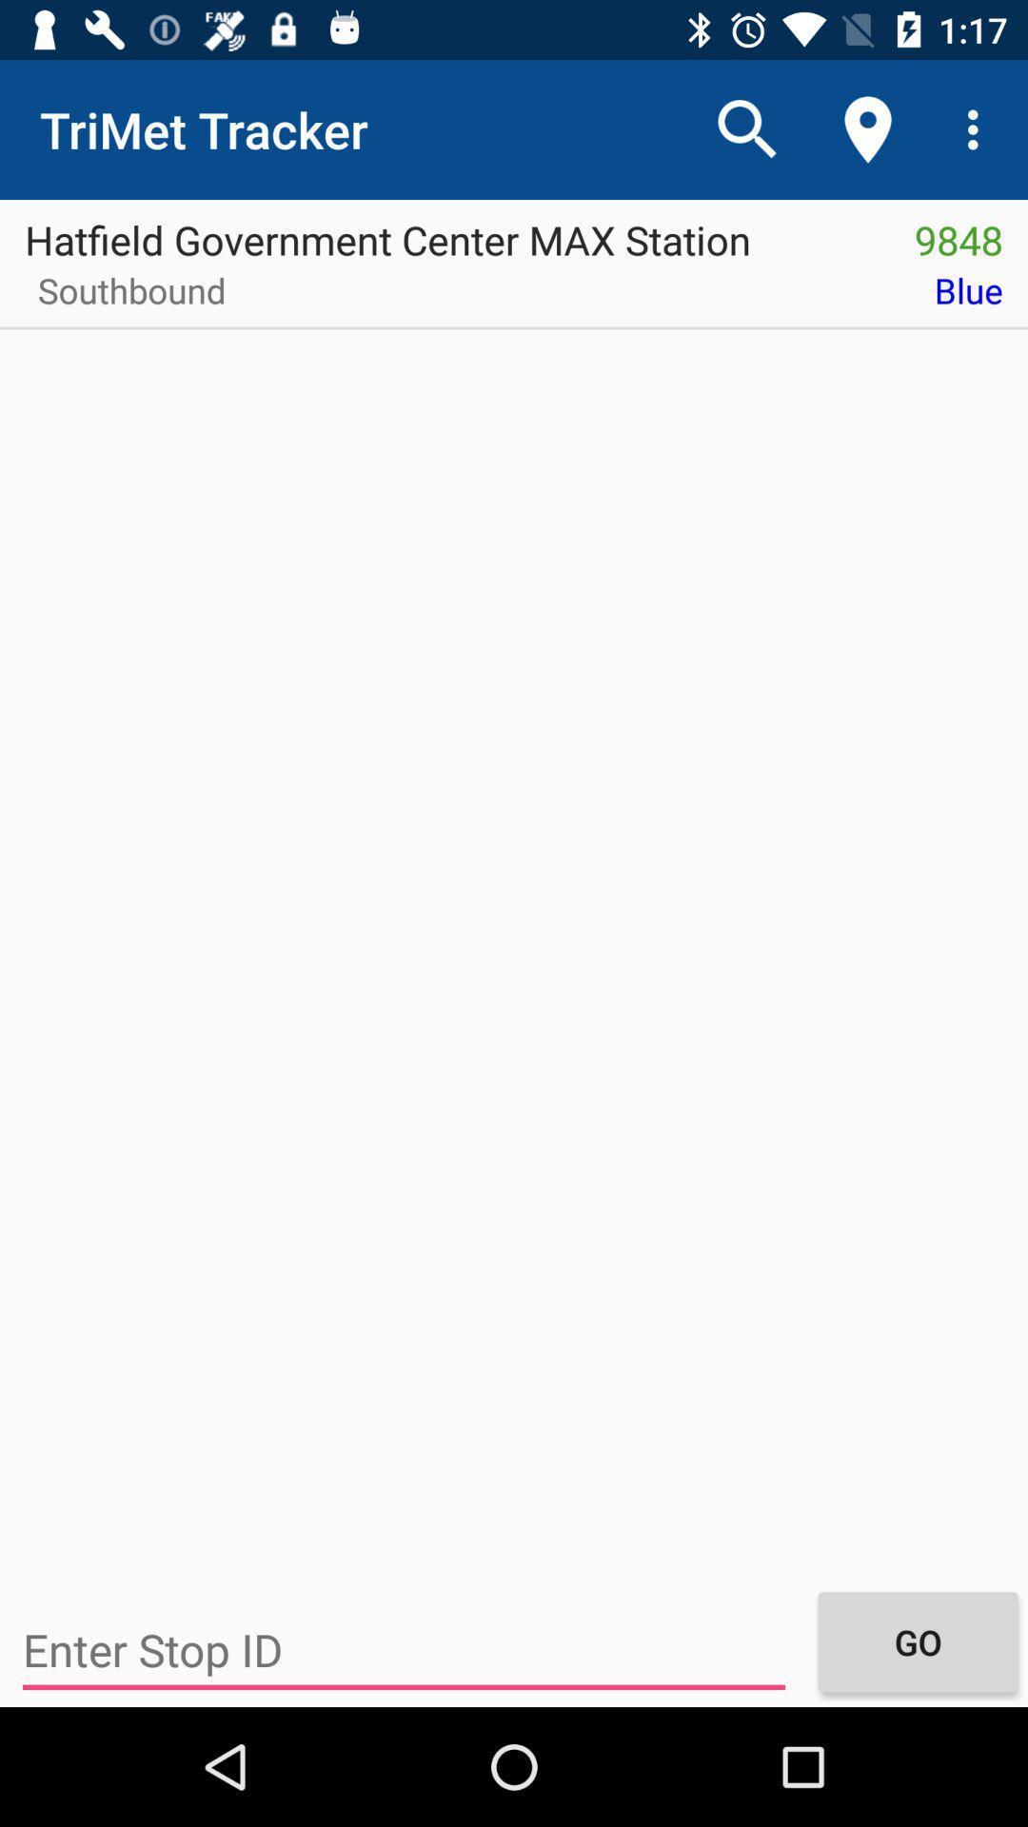  I want to click on the hatfield government center icon, so click(445, 232).